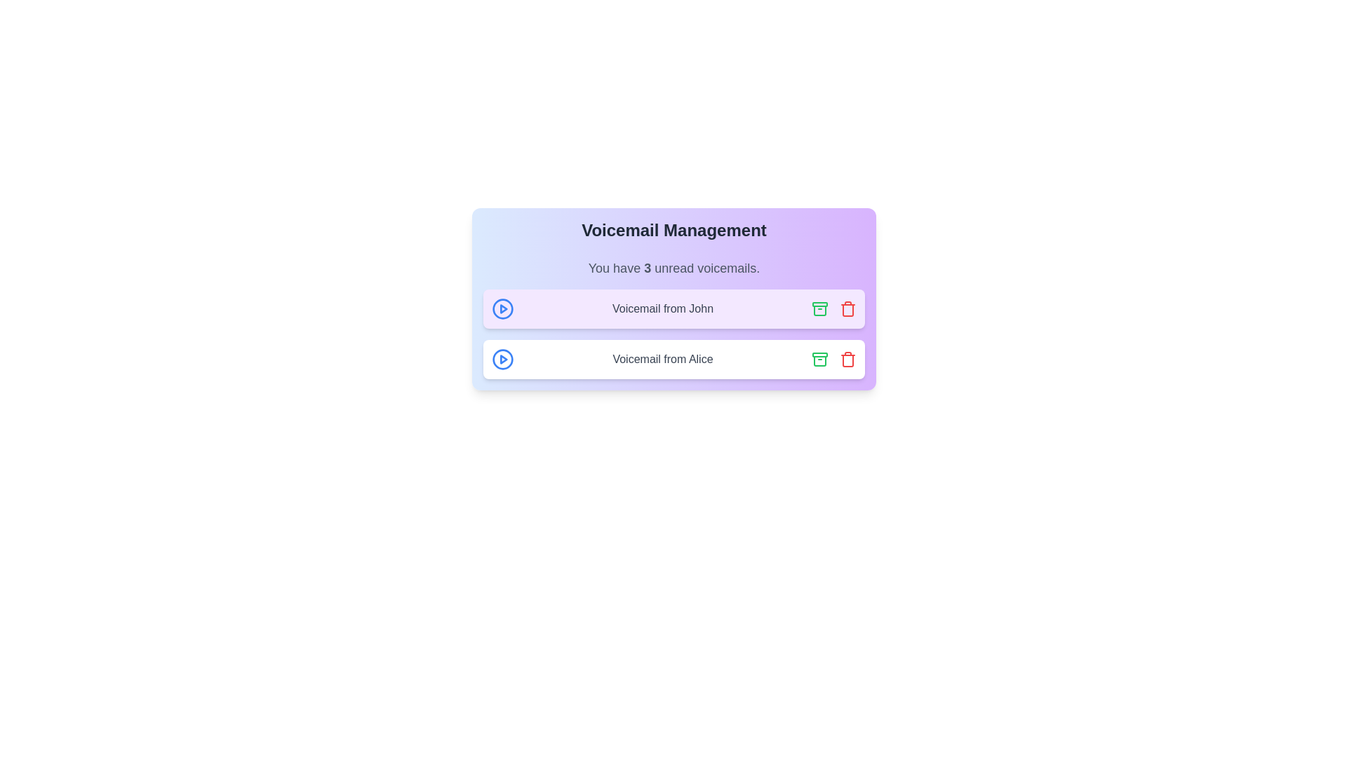  What do you see at coordinates (673, 268) in the screenshot?
I see `information displayed in the text label stating 'You have 3 unread voicemails.' which is located in the Voicemail Management card interface` at bounding box center [673, 268].